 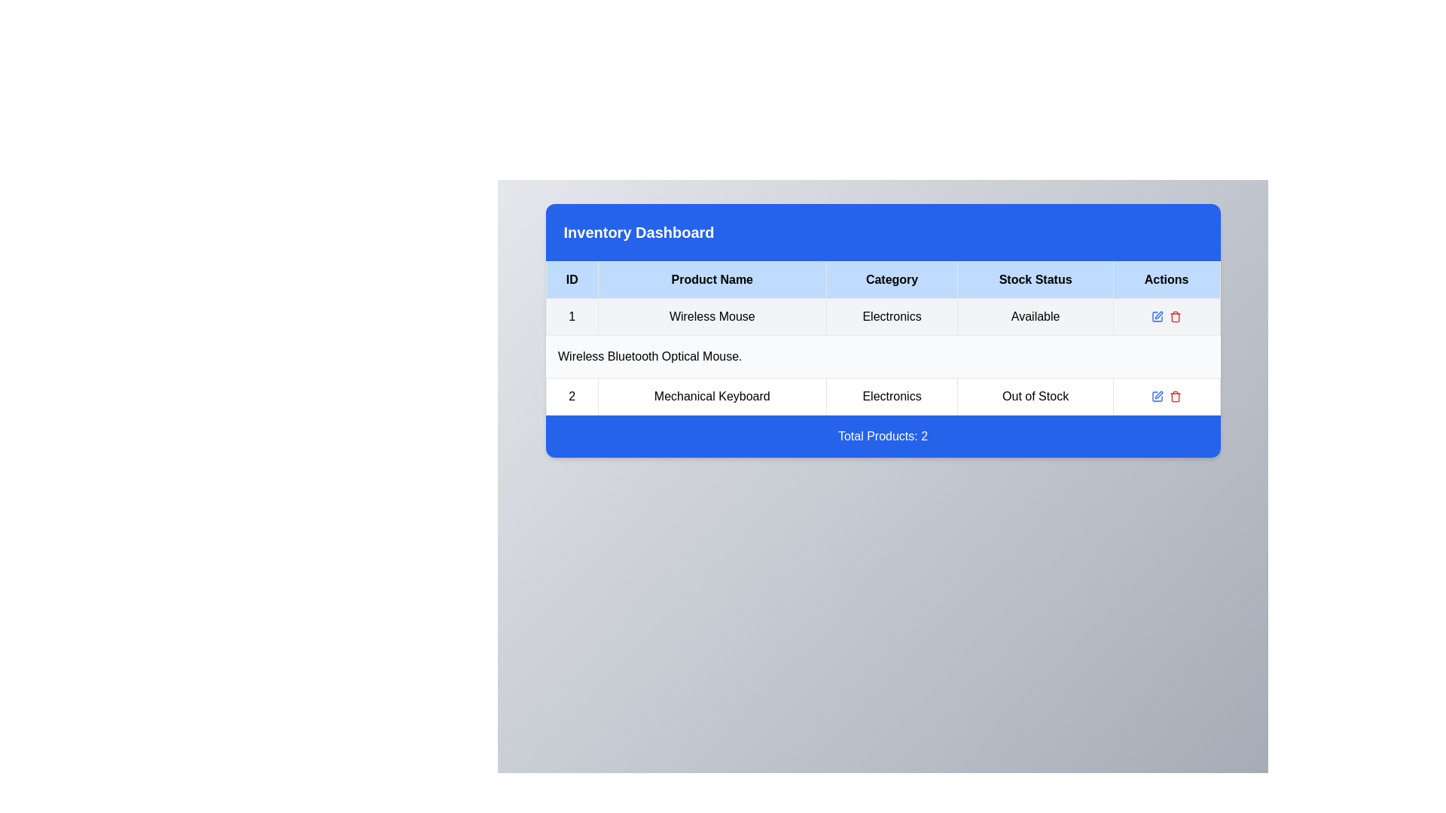 What do you see at coordinates (1166, 279) in the screenshot?
I see `the last Table Header Cell in the column that labels actions for each row in the table, positioned in the top-right section after the 'ID', 'Product Name', 'Category', and 'Stock Status' headers` at bounding box center [1166, 279].